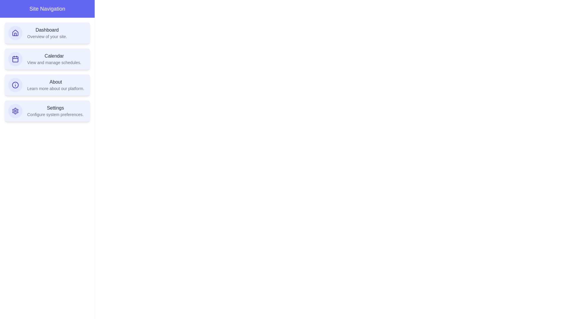 The height and width of the screenshot is (319, 568). I want to click on the text of the navigation item Dashboard, so click(46, 30).